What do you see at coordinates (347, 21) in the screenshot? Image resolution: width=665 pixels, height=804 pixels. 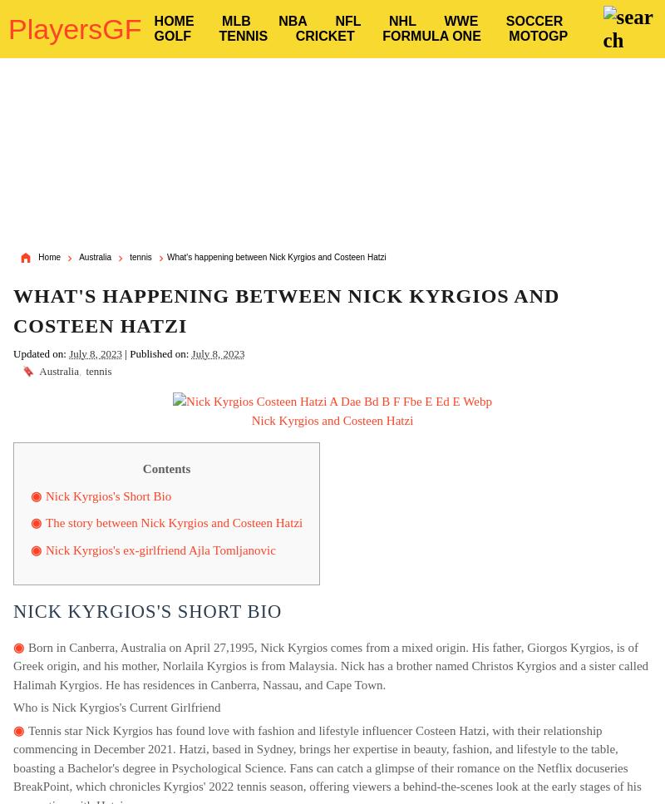 I see `'NFL'` at bounding box center [347, 21].